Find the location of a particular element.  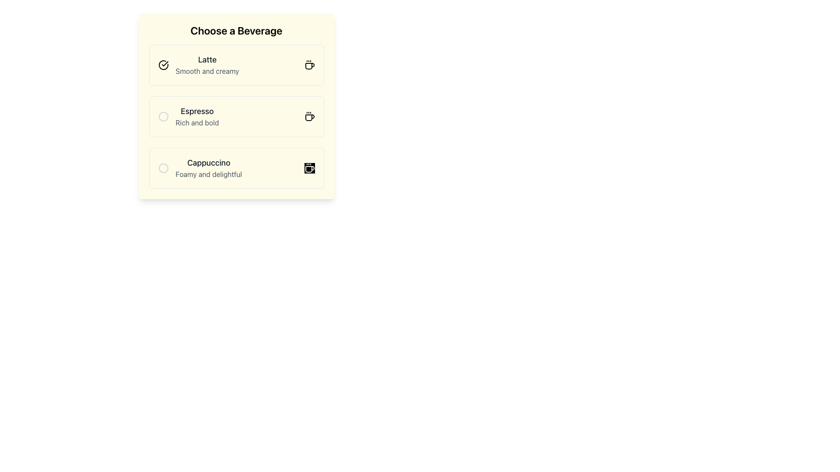

text of the first beverage option in the list titled 'Choose a Beverage', which includes its name and a brief description is located at coordinates (207, 65).